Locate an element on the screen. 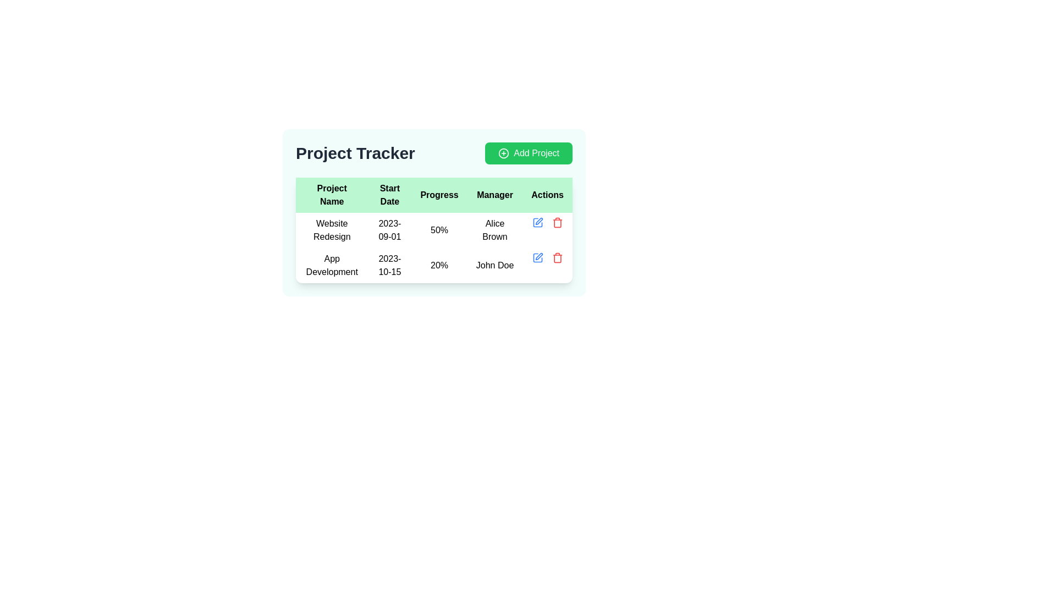  the edit icon located in the 'Actions' column for the 'App Development' row in the project tracker table to initiate the edit action is located at coordinates (537, 223).